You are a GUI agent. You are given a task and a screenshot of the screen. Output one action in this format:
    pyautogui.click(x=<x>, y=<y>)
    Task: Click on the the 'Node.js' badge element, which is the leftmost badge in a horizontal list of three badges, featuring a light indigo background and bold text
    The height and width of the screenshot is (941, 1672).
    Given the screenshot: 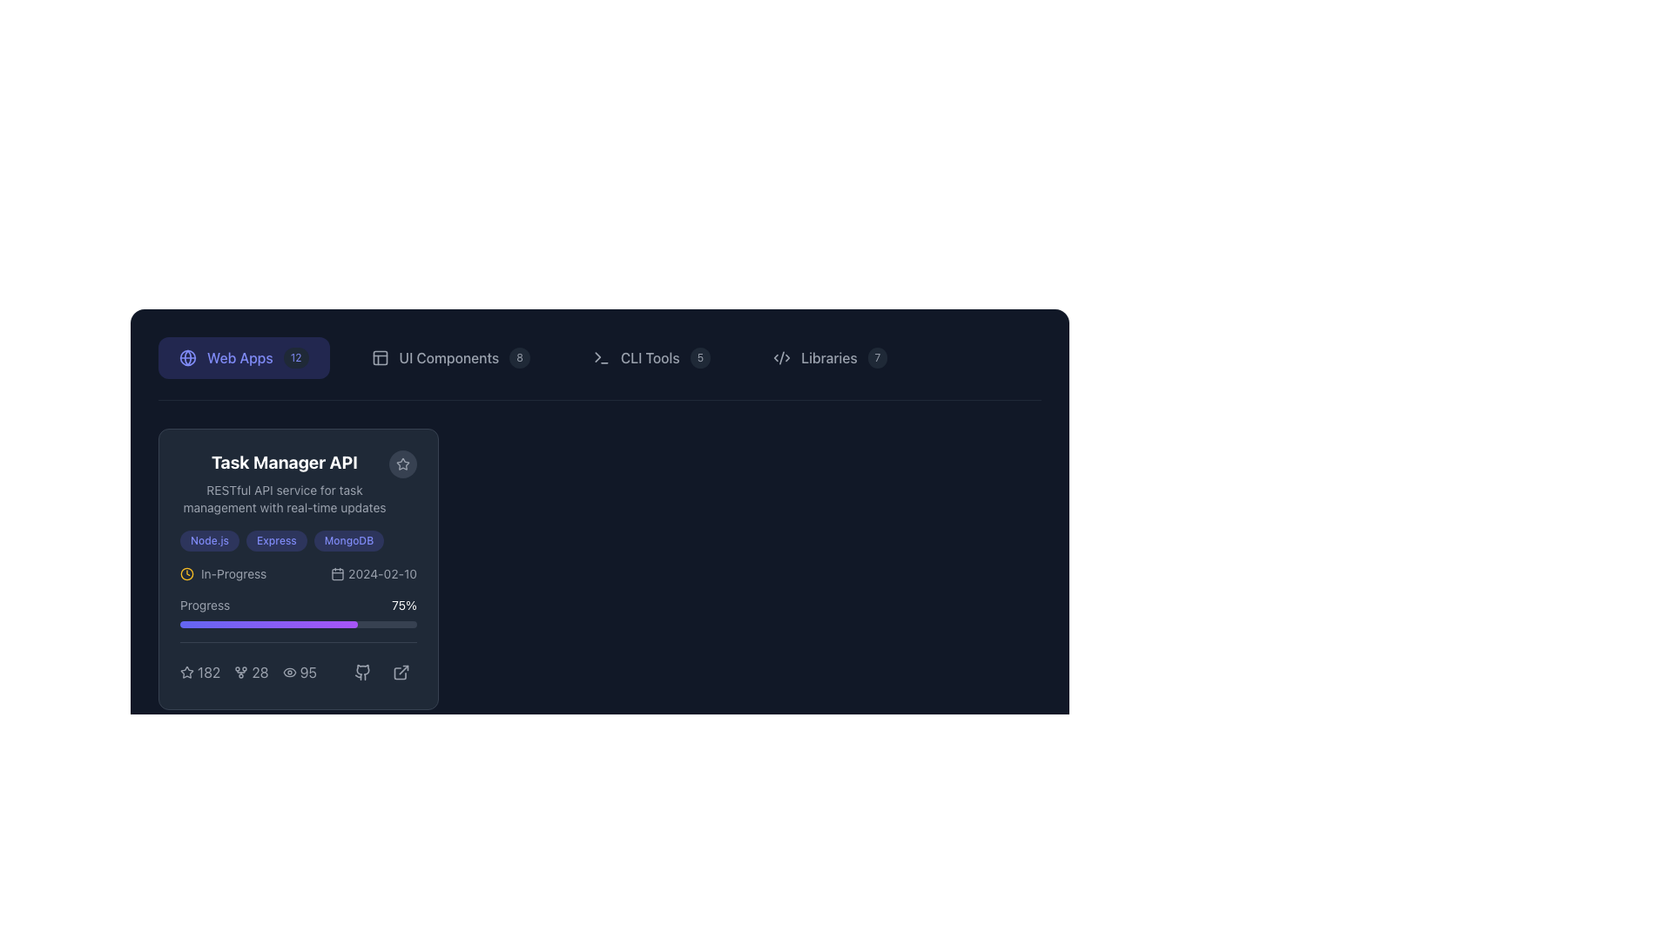 What is the action you would take?
    pyautogui.click(x=209, y=540)
    